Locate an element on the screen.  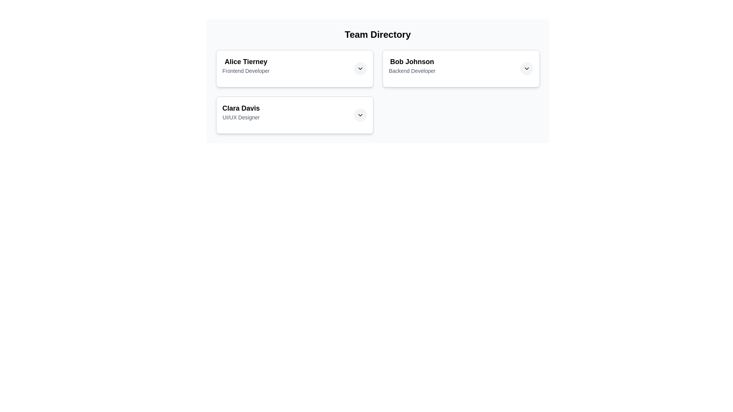
the static text label displaying the designation 'UI/UX Designer' associated with Clara Davis, located in the bottom-left portion of the card is located at coordinates (241, 117).